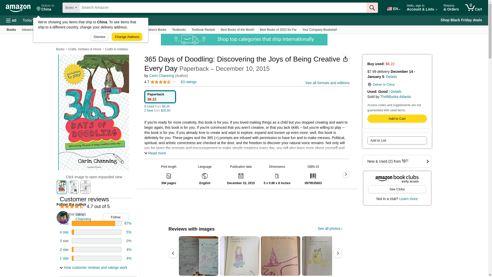 This screenshot has height=277, width=492. What do you see at coordinates (404, 8) in the screenshot?
I see `'Hello, sign in` at bounding box center [404, 8].